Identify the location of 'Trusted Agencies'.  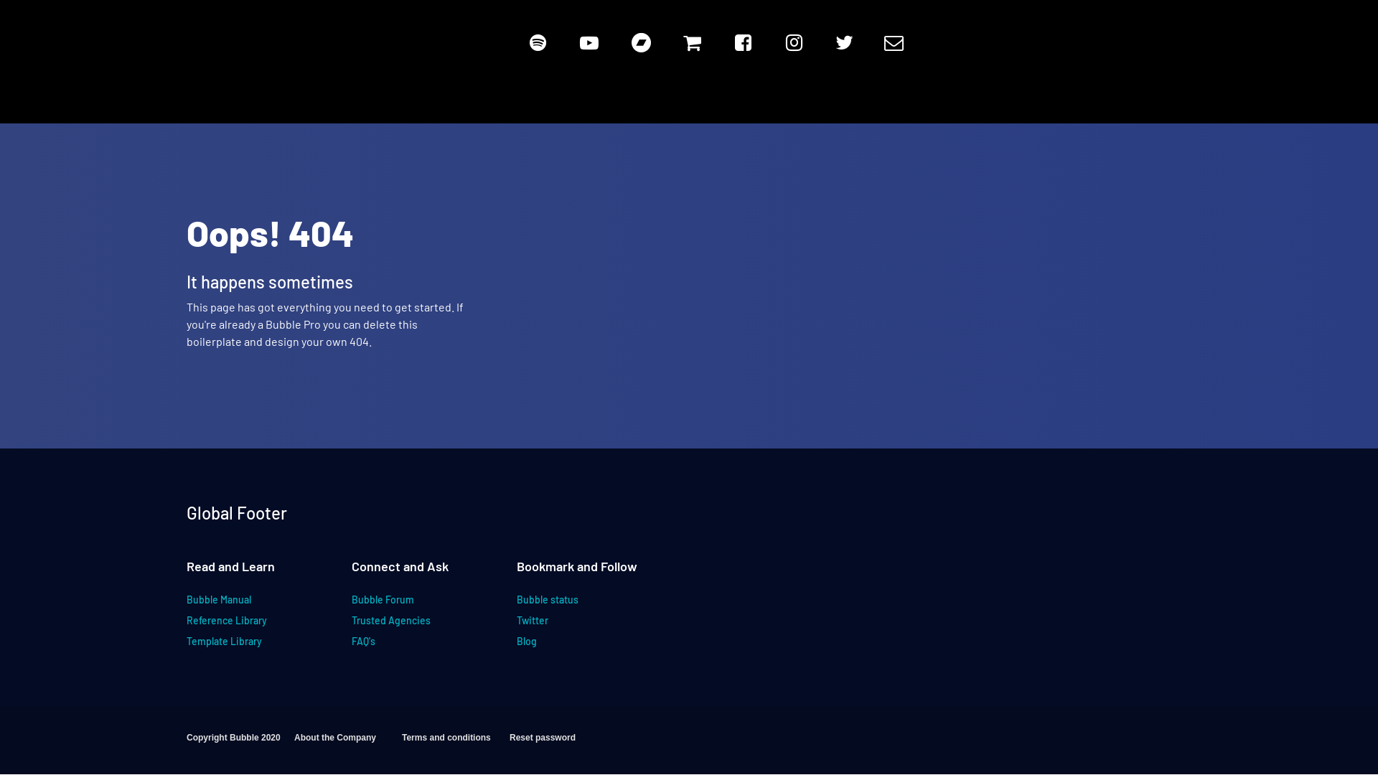
(351, 625).